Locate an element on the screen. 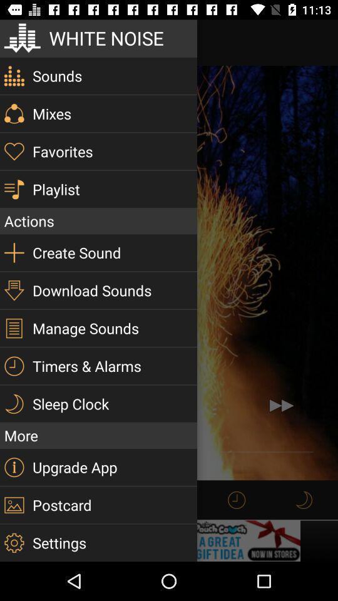  the music icon is located at coordinates (303, 500).